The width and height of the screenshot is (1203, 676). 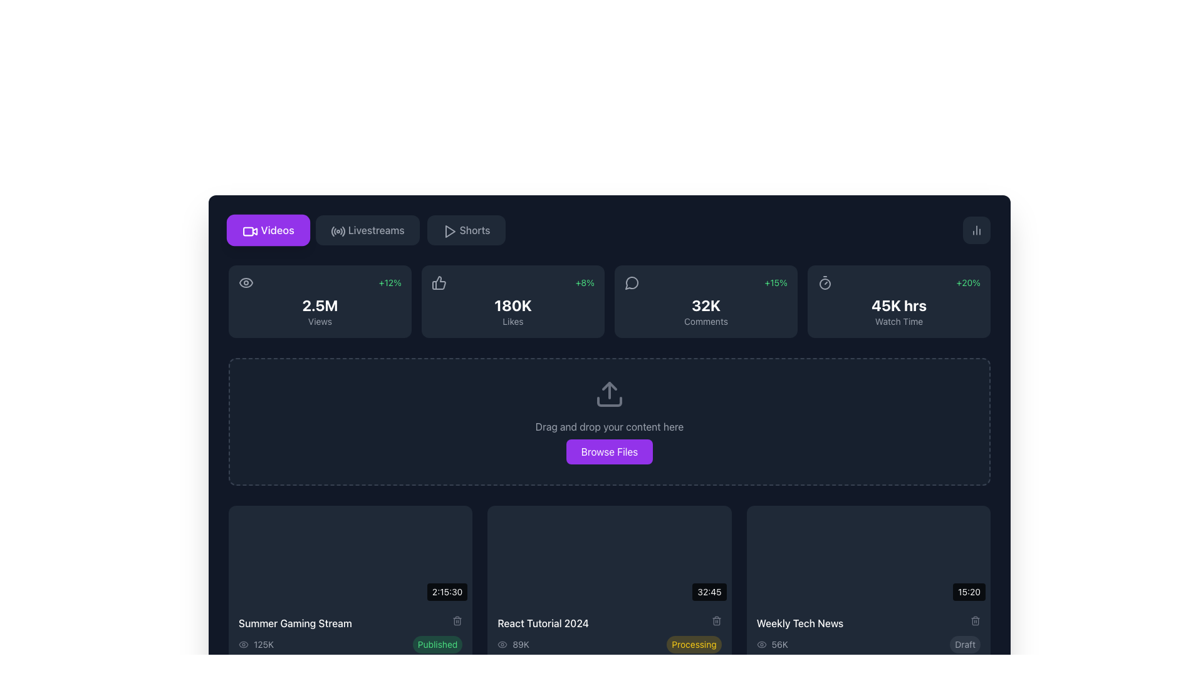 I want to click on the Status badge with the text 'Processing', which is a rounded badge located at the bottom right of the 'React Tutorial 2024' entry card, so click(x=694, y=644).